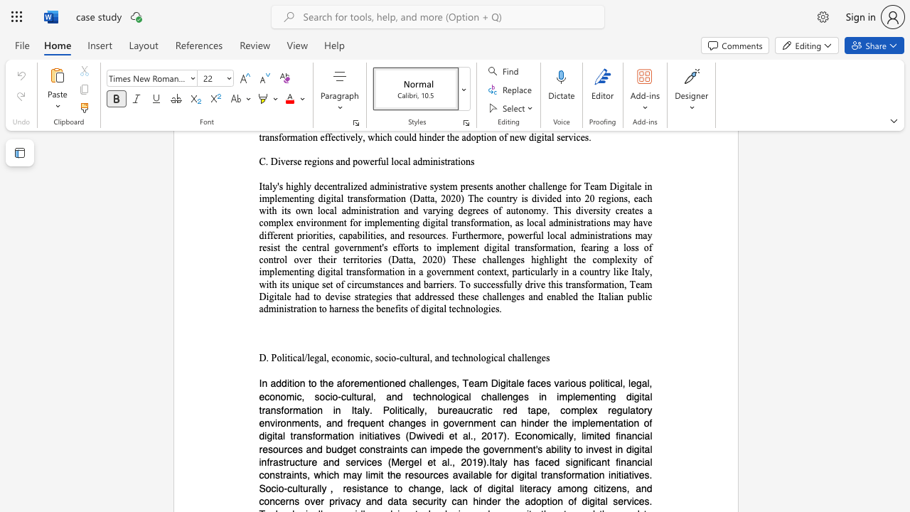 This screenshot has width=910, height=512. I want to click on the subset text "forementioned challenges, Team Digitale faces various political, legal, economic, socio-cultural, and technological challenges in implementing digital transformation in Italy. Politically, bureaucratic red tape, complex regulatory environments, and frequent changes in government can hinder the imple" within the text "In addition to the aforementioned challenges, Team Digitale faces various political, legal, economic, socio-cultural, and technological challenges in implementing digital transformation in Italy. Politically, bureaucratic red tape, complex regulatory environments, and frequent changes in government can hinder the implementation of digital transformation initiatives (Dwivedi et al., 2017). Economically, limited financial resources and budget constraints can impede the government", so click(342, 382).